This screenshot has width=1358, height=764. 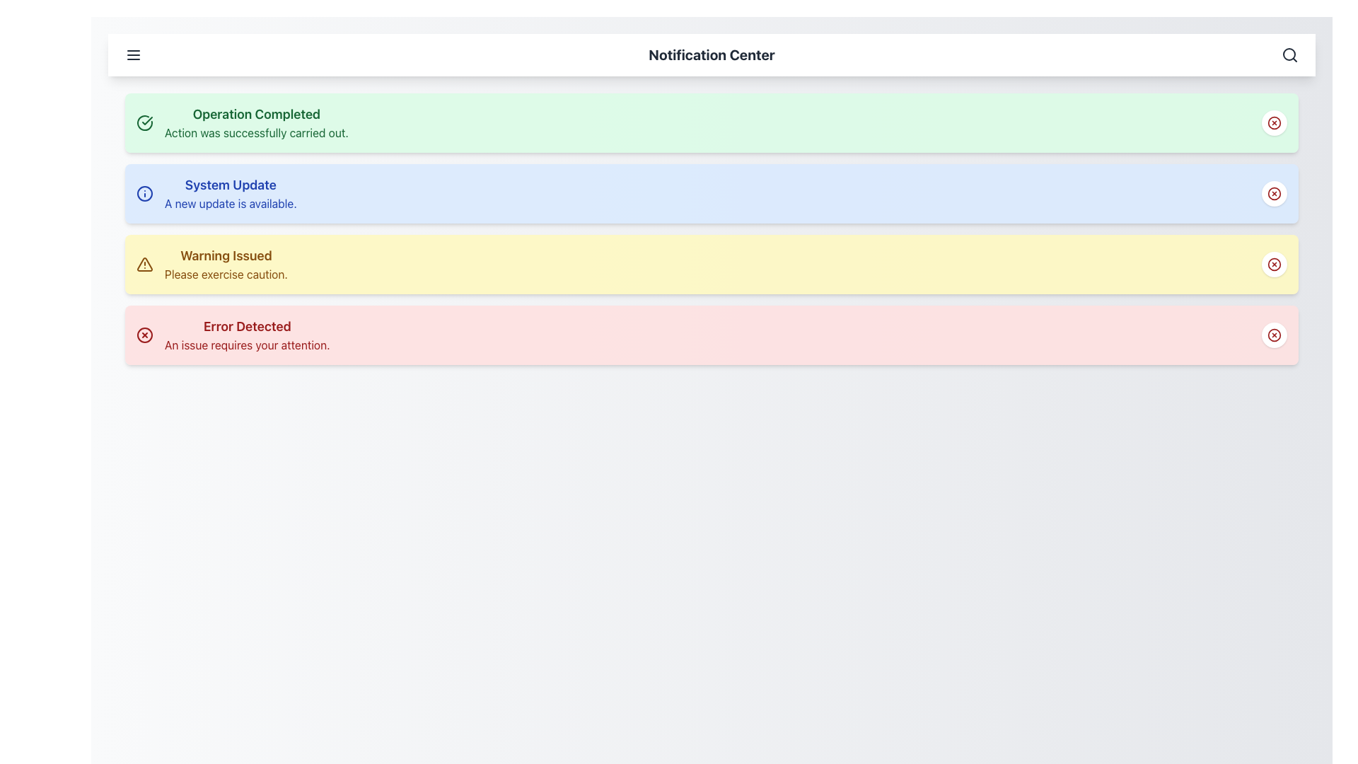 What do you see at coordinates (225, 256) in the screenshot?
I see `the static text label displaying 'Warning Issued' that is part of a notification with a yellow background, centrally located in the third notification of the vertically stacked list` at bounding box center [225, 256].